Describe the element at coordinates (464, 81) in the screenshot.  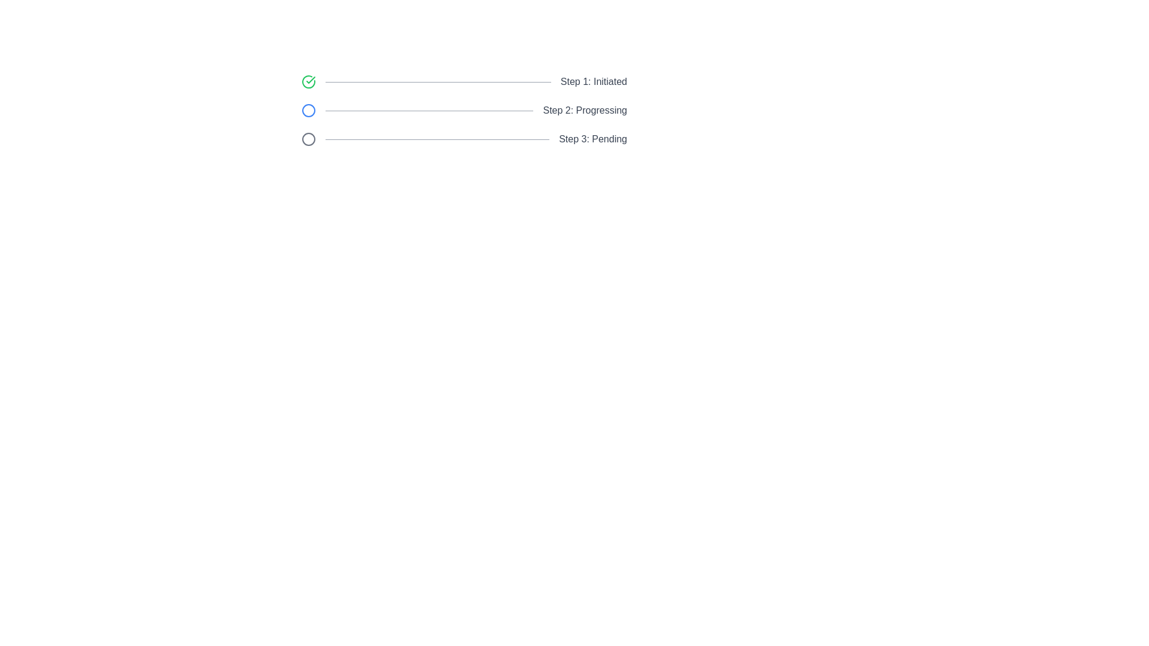
I see `status label of the first step indicator, which shows 'Initiated' with a green check mark, located at the top of the step sequence` at that location.